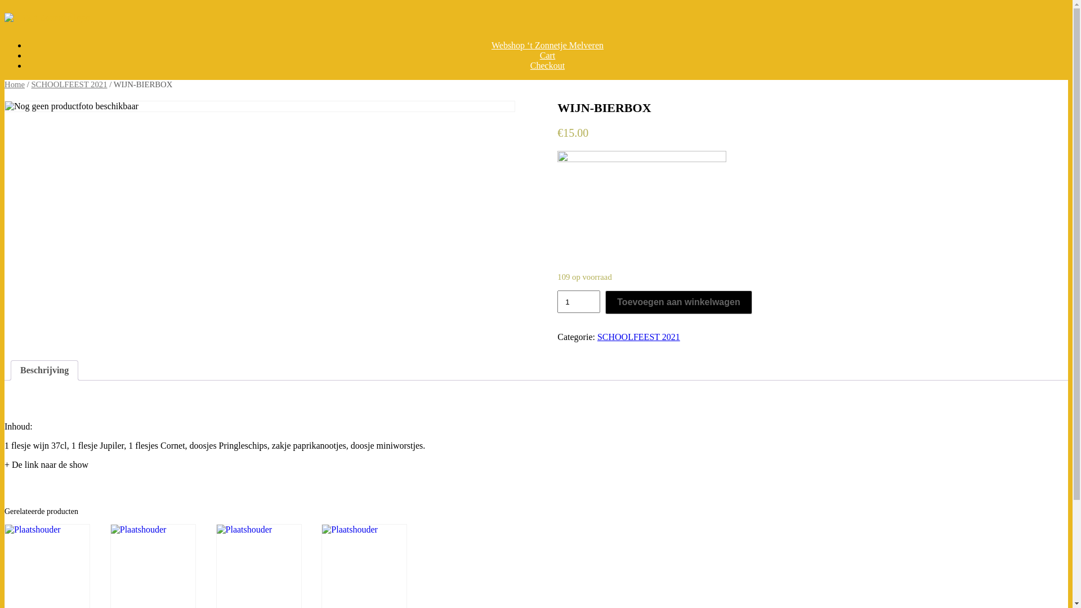  Describe the element at coordinates (638, 336) in the screenshot. I see `'SCHOOLFEEST 2021'` at that location.